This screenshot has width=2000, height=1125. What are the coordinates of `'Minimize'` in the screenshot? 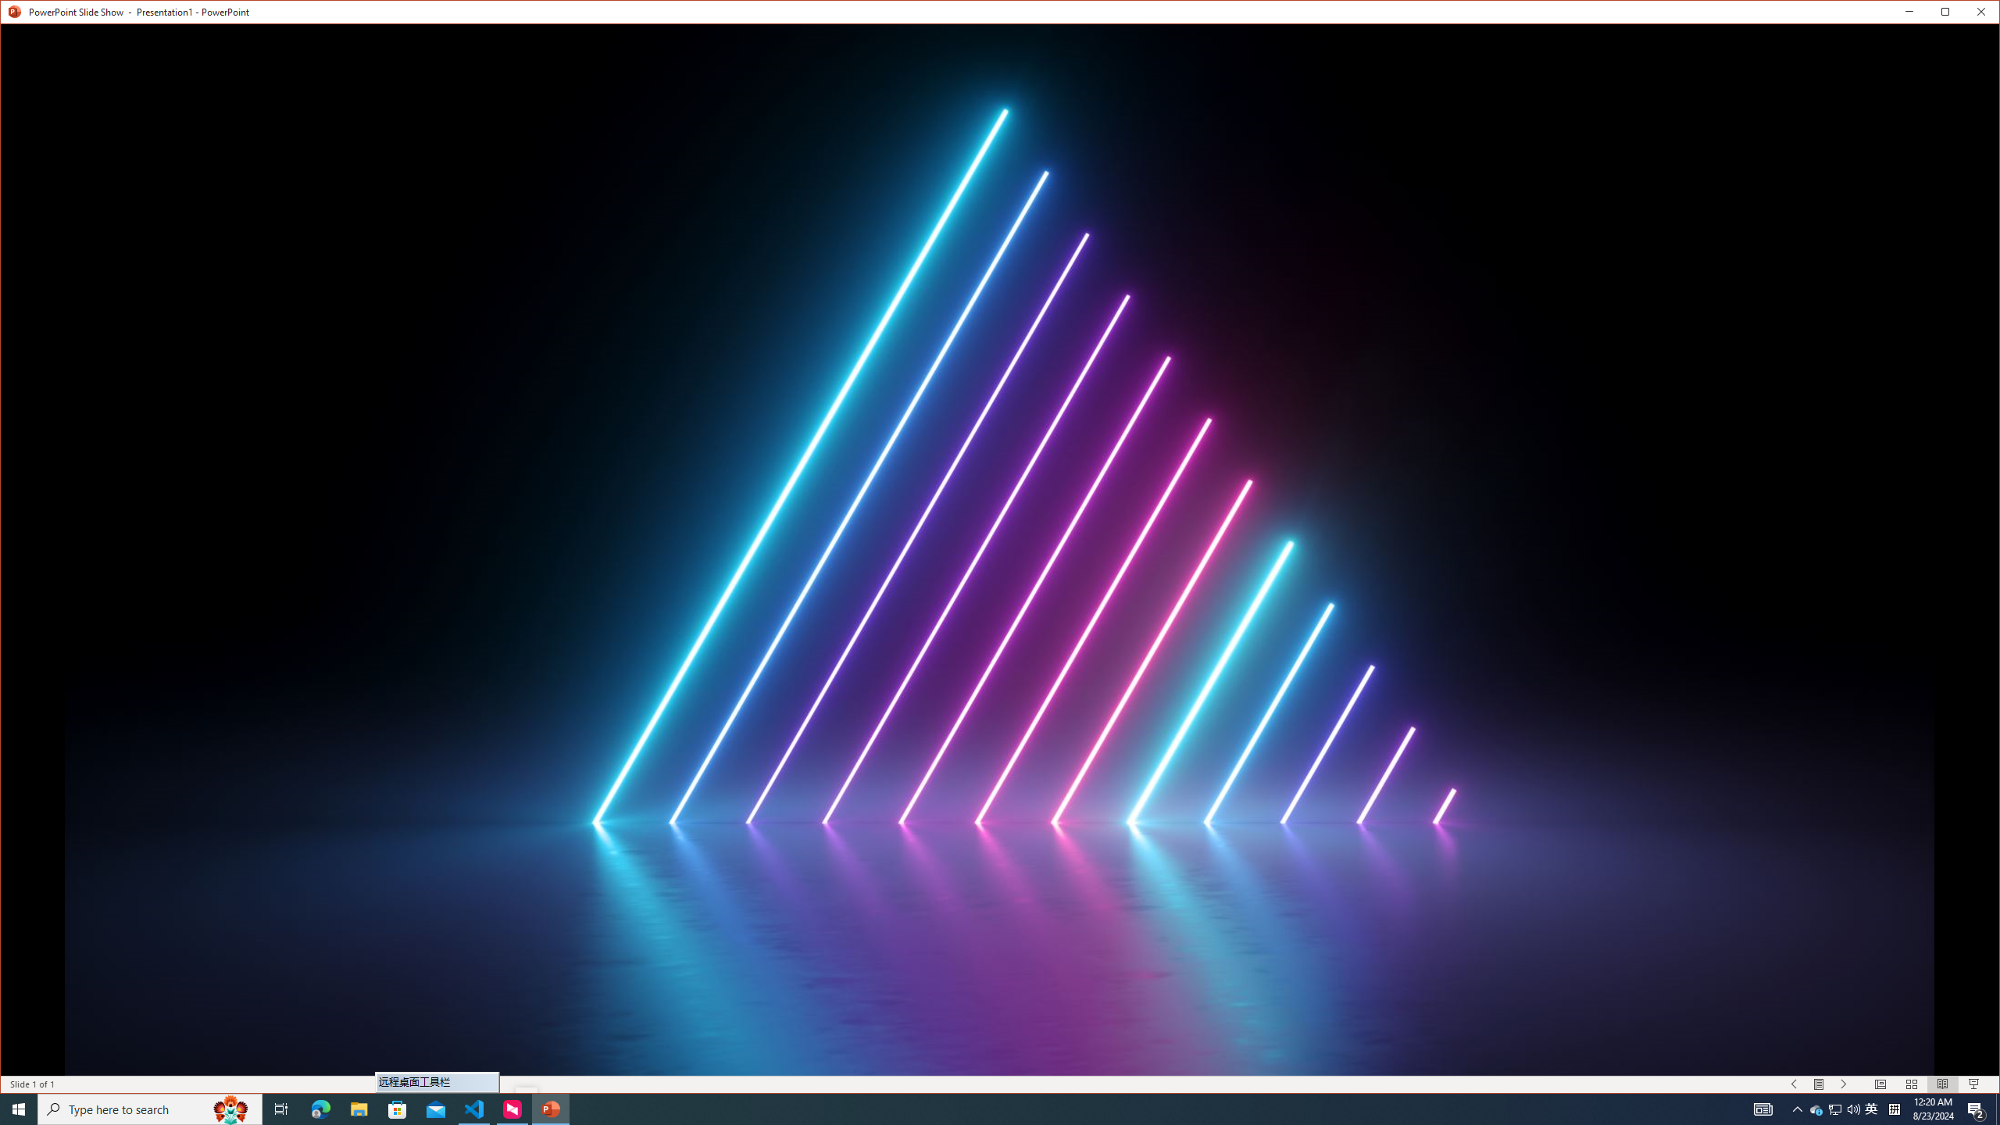 It's located at (1950, 15).